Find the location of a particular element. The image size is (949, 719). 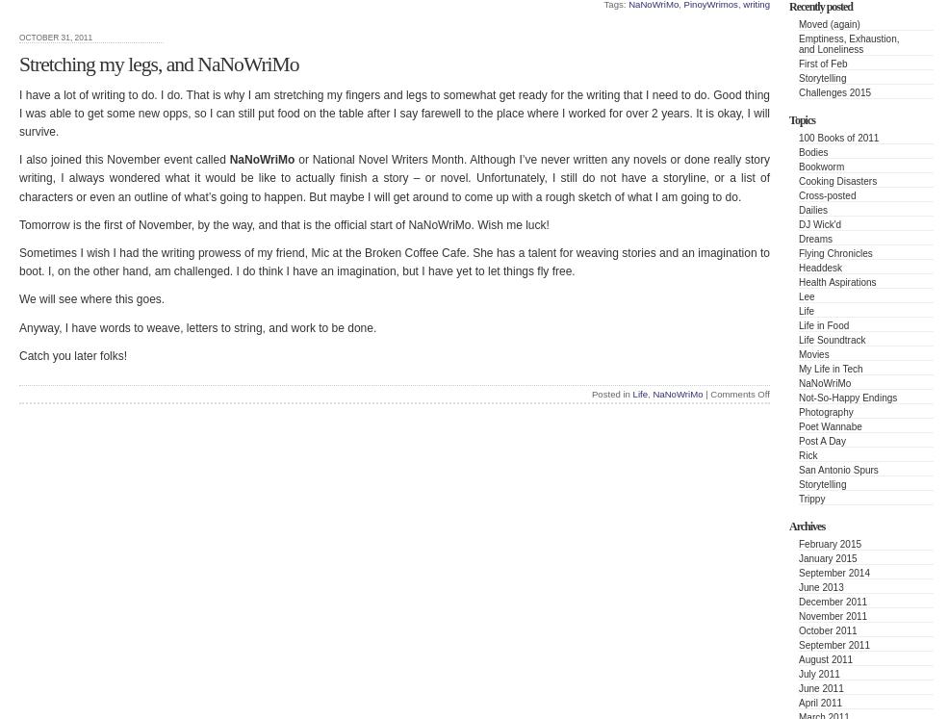

'Anyway, I have words to weave, letters to string, and work to be done.' is located at coordinates (196, 327).